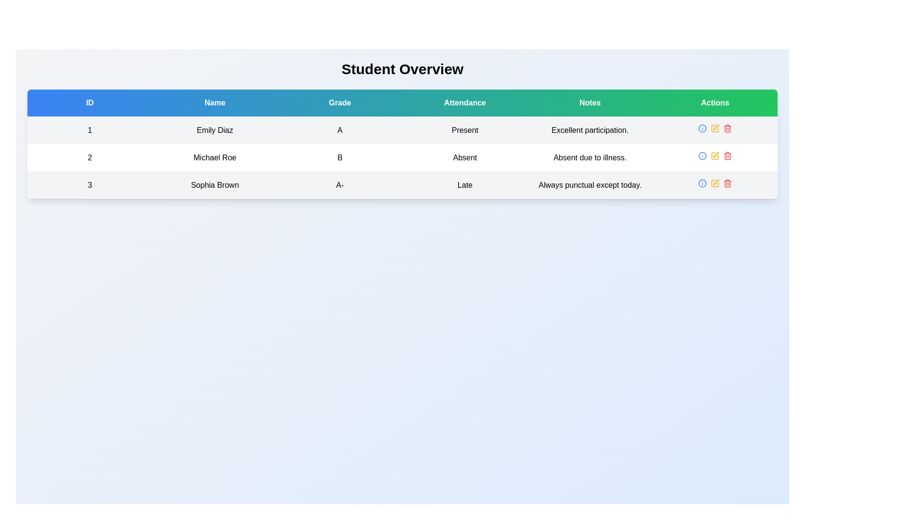  Describe the element at coordinates (702, 183) in the screenshot. I see `the circular icon with a hollow border located in the second row of the 'Actions' column, aligned to the left of other items` at that location.